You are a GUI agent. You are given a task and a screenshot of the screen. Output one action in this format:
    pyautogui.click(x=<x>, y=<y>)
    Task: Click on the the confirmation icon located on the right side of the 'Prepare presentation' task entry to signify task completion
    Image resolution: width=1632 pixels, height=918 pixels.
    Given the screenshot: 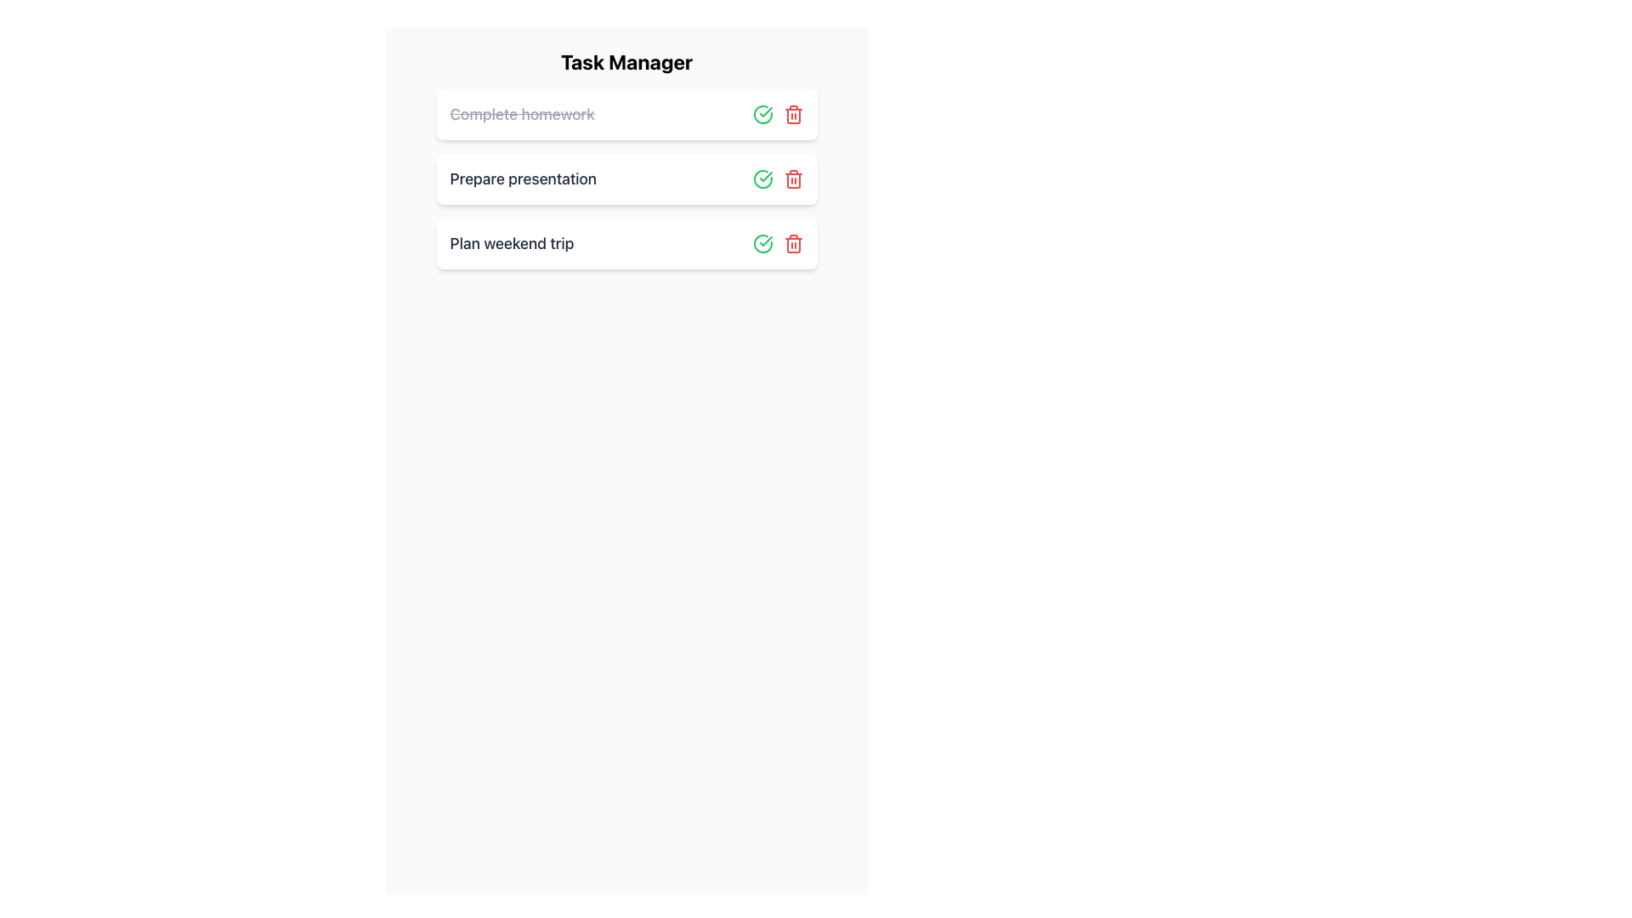 What is the action you would take?
    pyautogui.click(x=765, y=111)
    